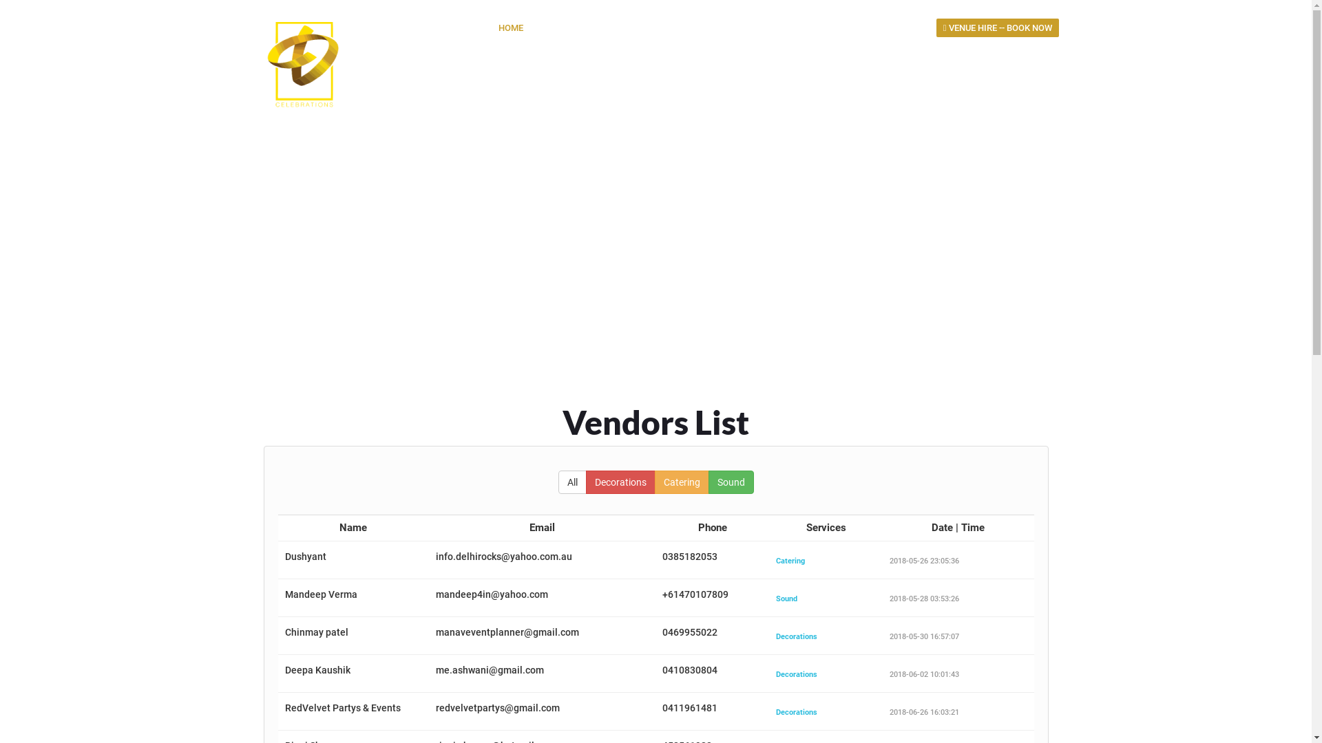 This screenshot has height=743, width=1322. What do you see at coordinates (899, 28) in the screenshot?
I see `'CONTACT'` at bounding box center [899, 28].